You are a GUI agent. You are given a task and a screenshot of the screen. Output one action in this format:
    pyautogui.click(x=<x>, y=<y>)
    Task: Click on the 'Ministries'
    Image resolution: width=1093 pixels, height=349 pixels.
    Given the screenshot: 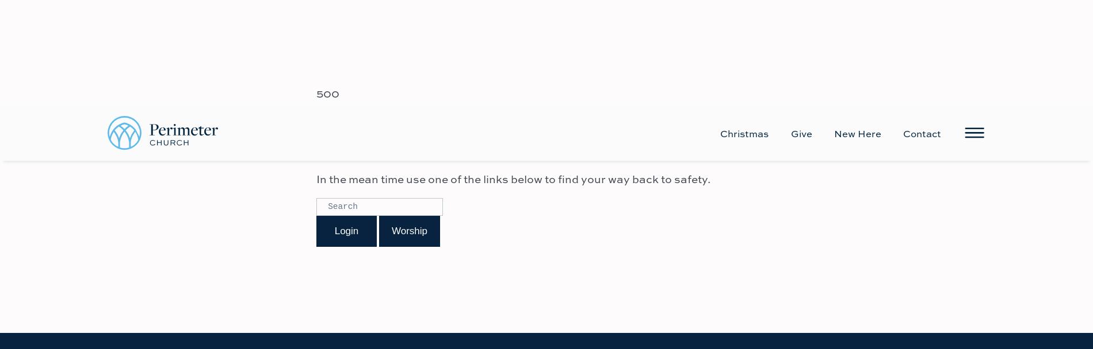 What is the action you would take?
    pyautogui.click(x=545, y=286)
    